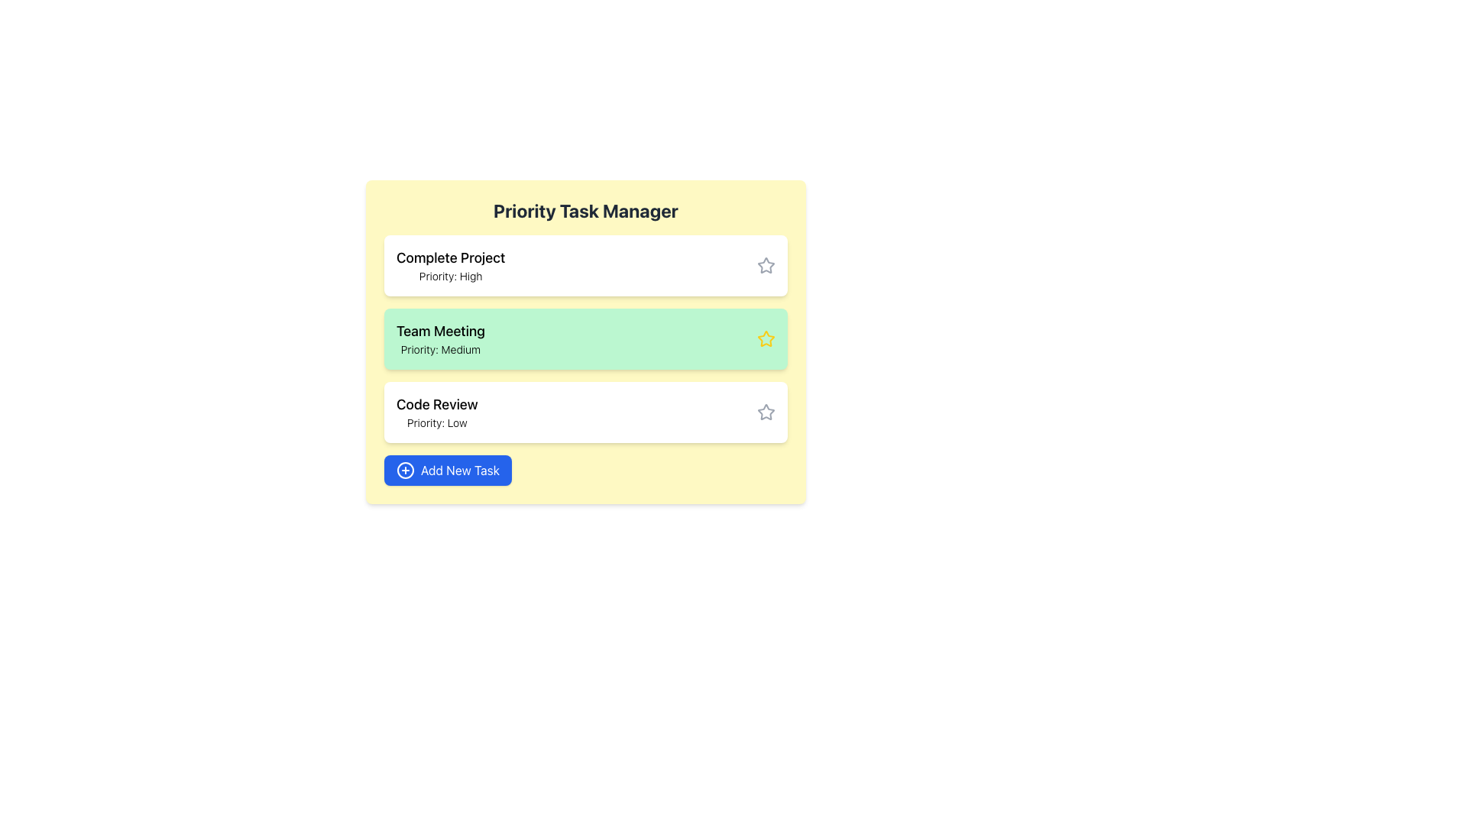 Image resolution: width=1467 pixels, height=825 pixels. Describe the element at coordinates (436, 423) in the screenshot. I see `the priority level label for the 'Code Review' task, which is located immediately below the 'Code Review' text in the task card` at that location.